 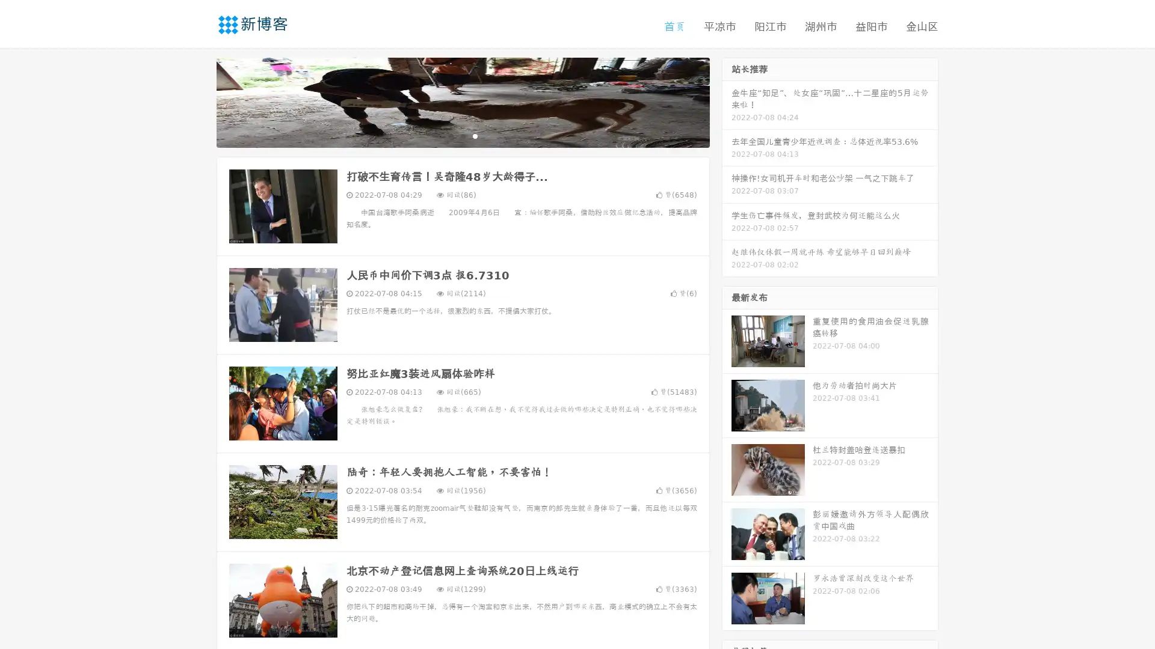 I want to click on Go to slide 2, so click(x=462, y=135).